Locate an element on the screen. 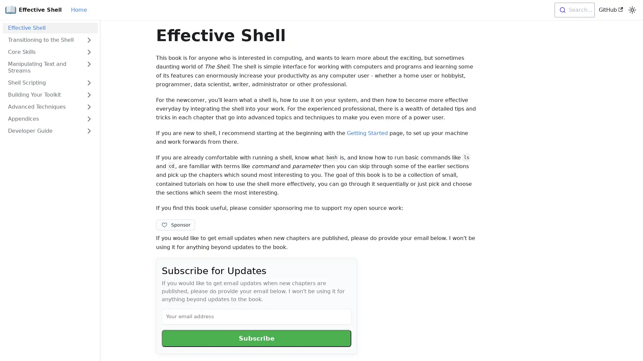  Toggle the collapsible sidebar category 'Manipulating Text and Streams' is located at coordinates (88, 67).